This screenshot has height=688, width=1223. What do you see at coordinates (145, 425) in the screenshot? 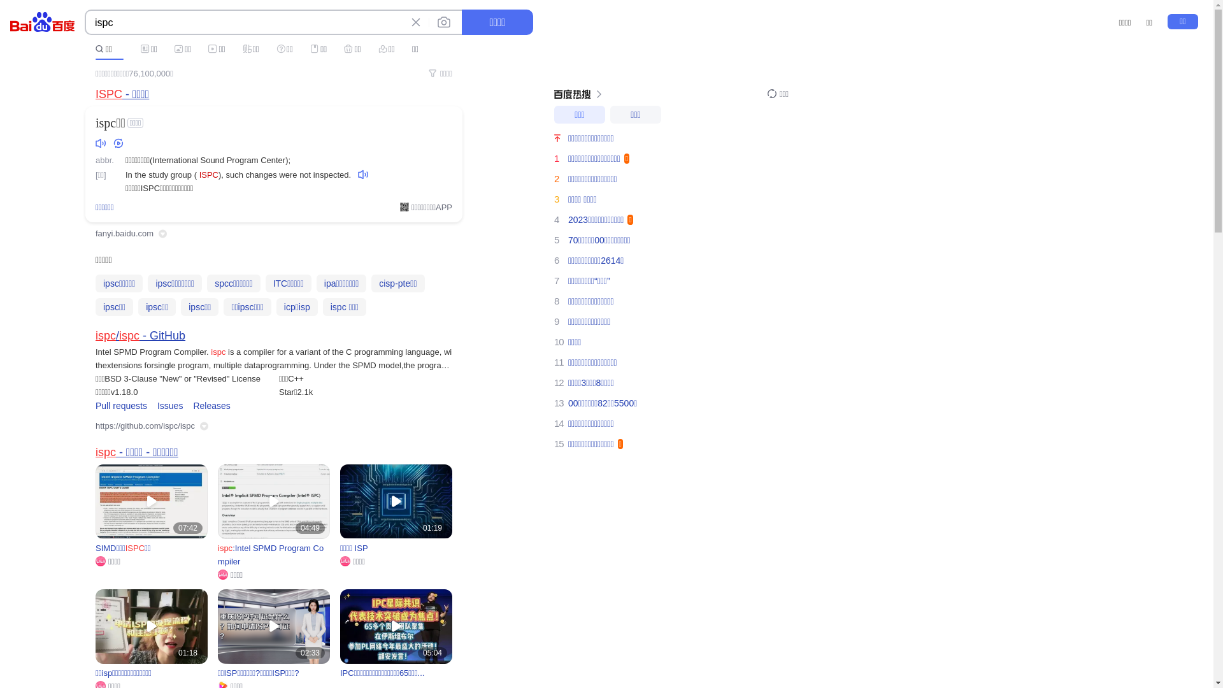
I see `'https://github.com/ispc/ispc'` at bounding box center [145, 425].